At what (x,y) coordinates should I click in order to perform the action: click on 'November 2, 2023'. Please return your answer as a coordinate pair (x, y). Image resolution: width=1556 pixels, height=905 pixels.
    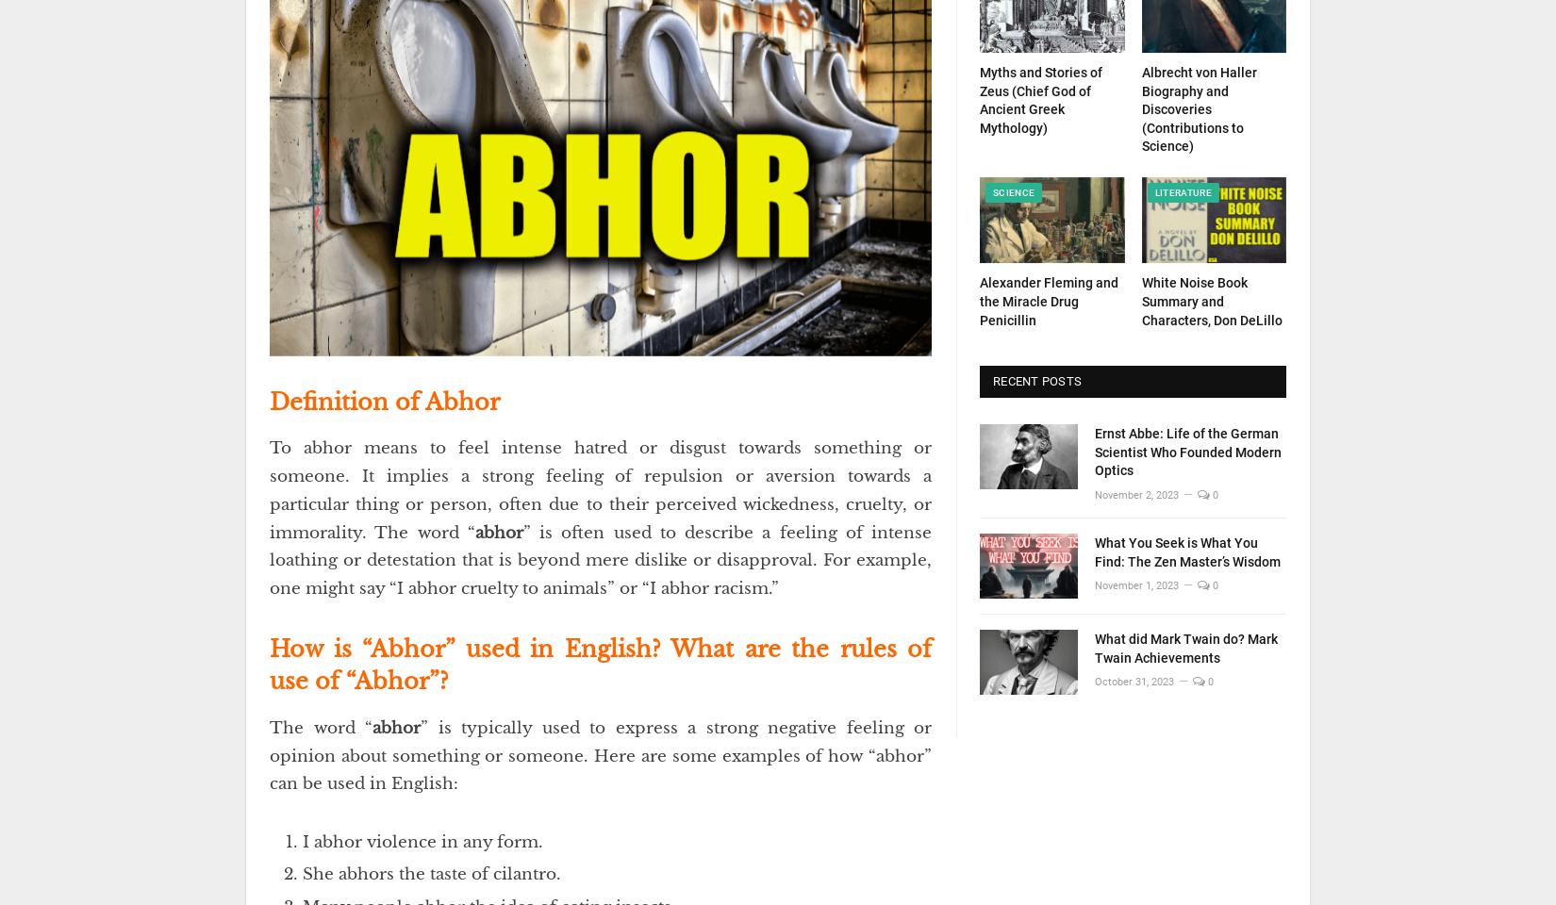
    Looking at the image, I should click on (1136, 493).